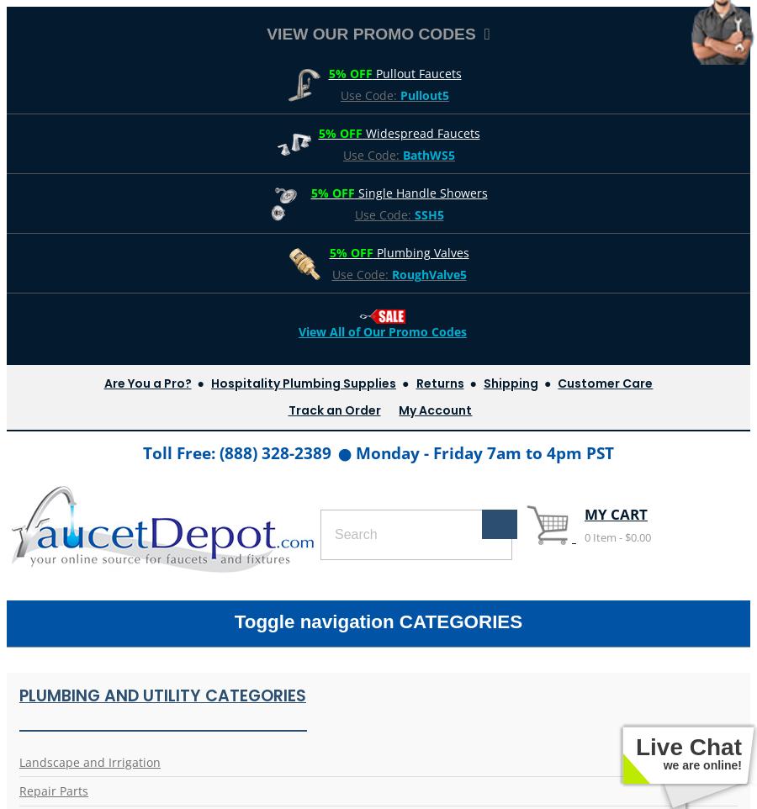 The height and width of the screenshot is (809, 757). I want to click on 'BathWS5', so click(428, 154).